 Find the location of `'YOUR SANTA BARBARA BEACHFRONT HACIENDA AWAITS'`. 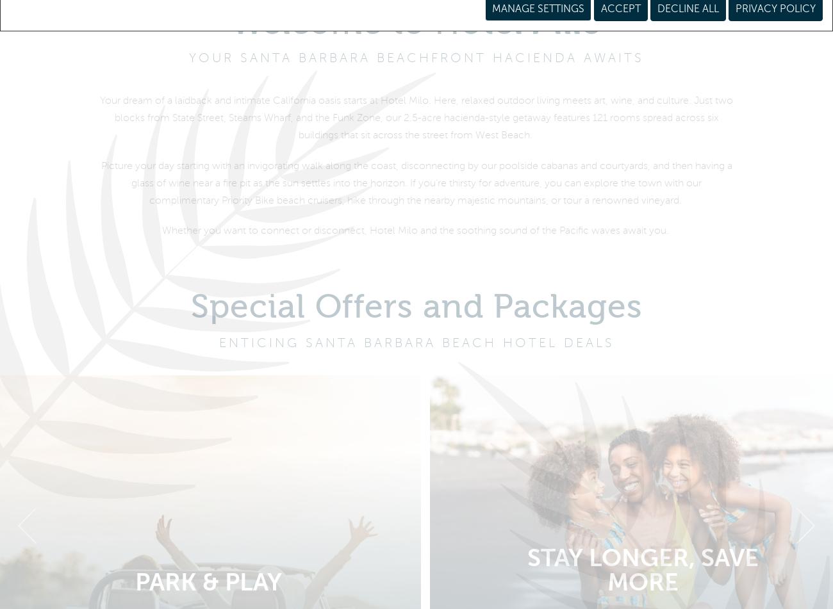

'YOUR SANTA BARBARA BEACHFRONT HACIENDA AWAITS' is located at coordinates (416, 67).